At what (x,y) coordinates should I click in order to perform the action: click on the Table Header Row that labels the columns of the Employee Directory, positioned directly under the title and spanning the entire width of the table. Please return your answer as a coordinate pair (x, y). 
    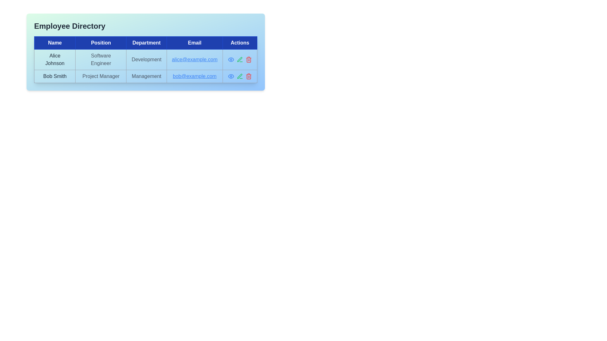
    Looking at the image, I should click on (145, 43).